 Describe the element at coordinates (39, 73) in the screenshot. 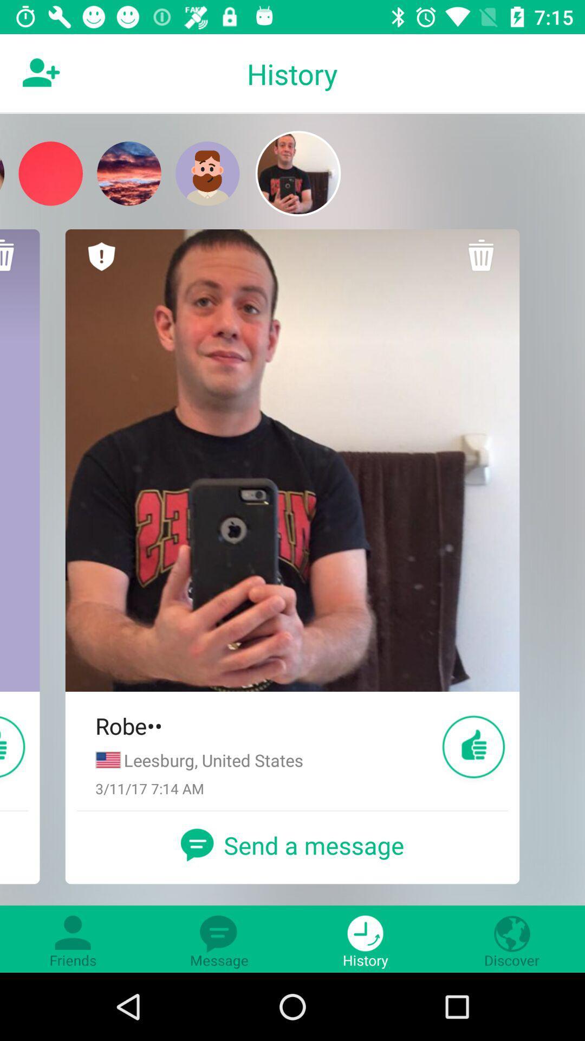

I see `the follow icon` at that location.